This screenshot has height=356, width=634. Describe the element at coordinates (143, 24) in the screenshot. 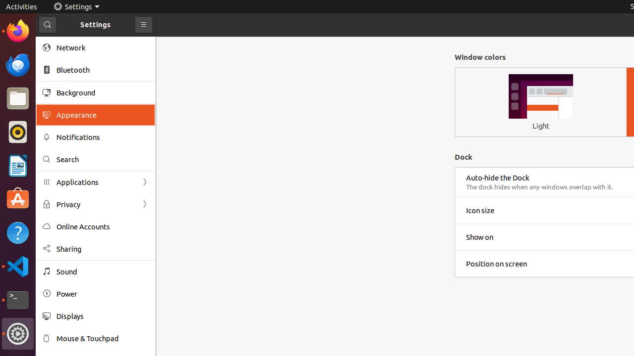

I see `'Primary Menu'` at that location.